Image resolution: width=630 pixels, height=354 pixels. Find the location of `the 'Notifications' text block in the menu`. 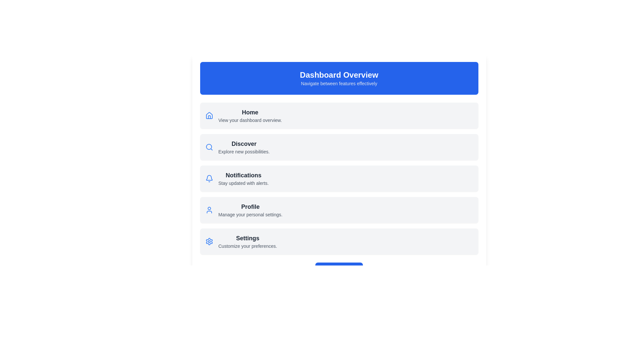

the 'Notifications' text block in the menu is located at coordinates (243, 178).